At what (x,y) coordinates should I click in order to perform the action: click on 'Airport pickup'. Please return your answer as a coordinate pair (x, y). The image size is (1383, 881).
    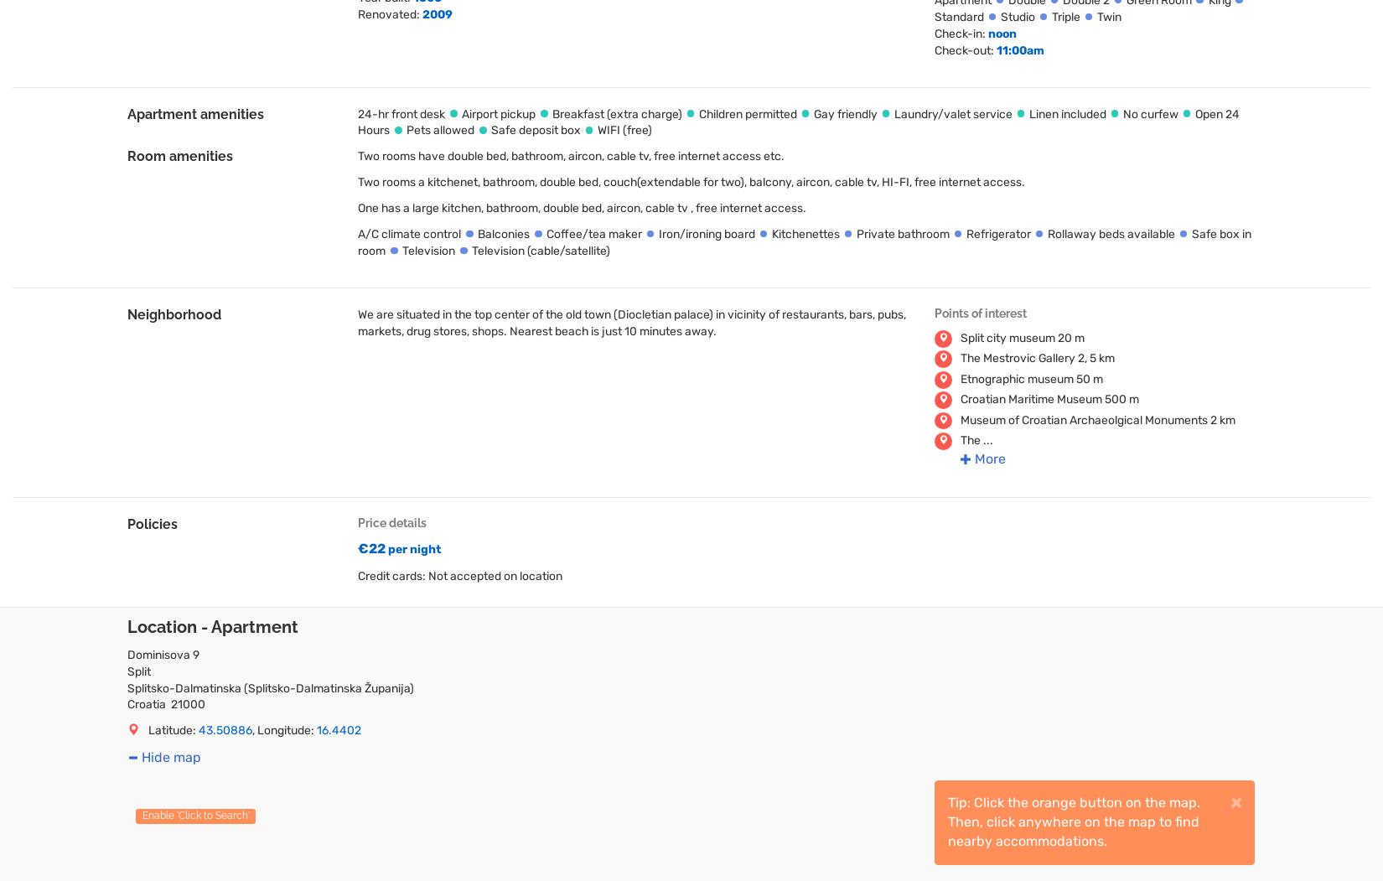
    Looking at the image, I should click on (497, 111).